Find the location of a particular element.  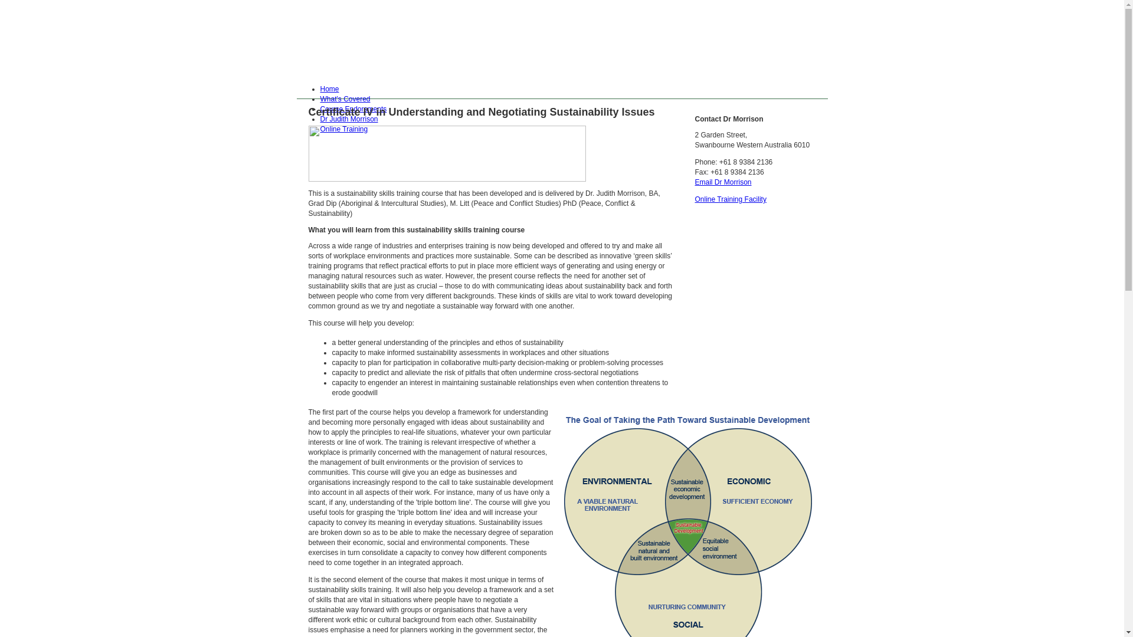

'Course Endorsments' is located at coordinates (352, 109).